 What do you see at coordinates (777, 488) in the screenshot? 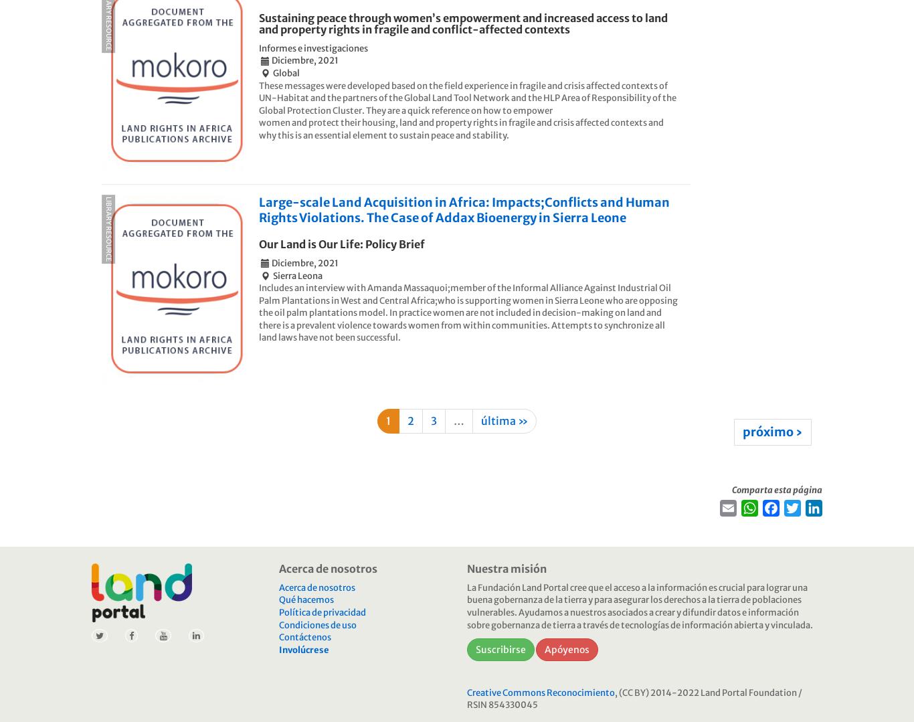
I see `'Comparta esta página'` at bounding box center [777, 488].